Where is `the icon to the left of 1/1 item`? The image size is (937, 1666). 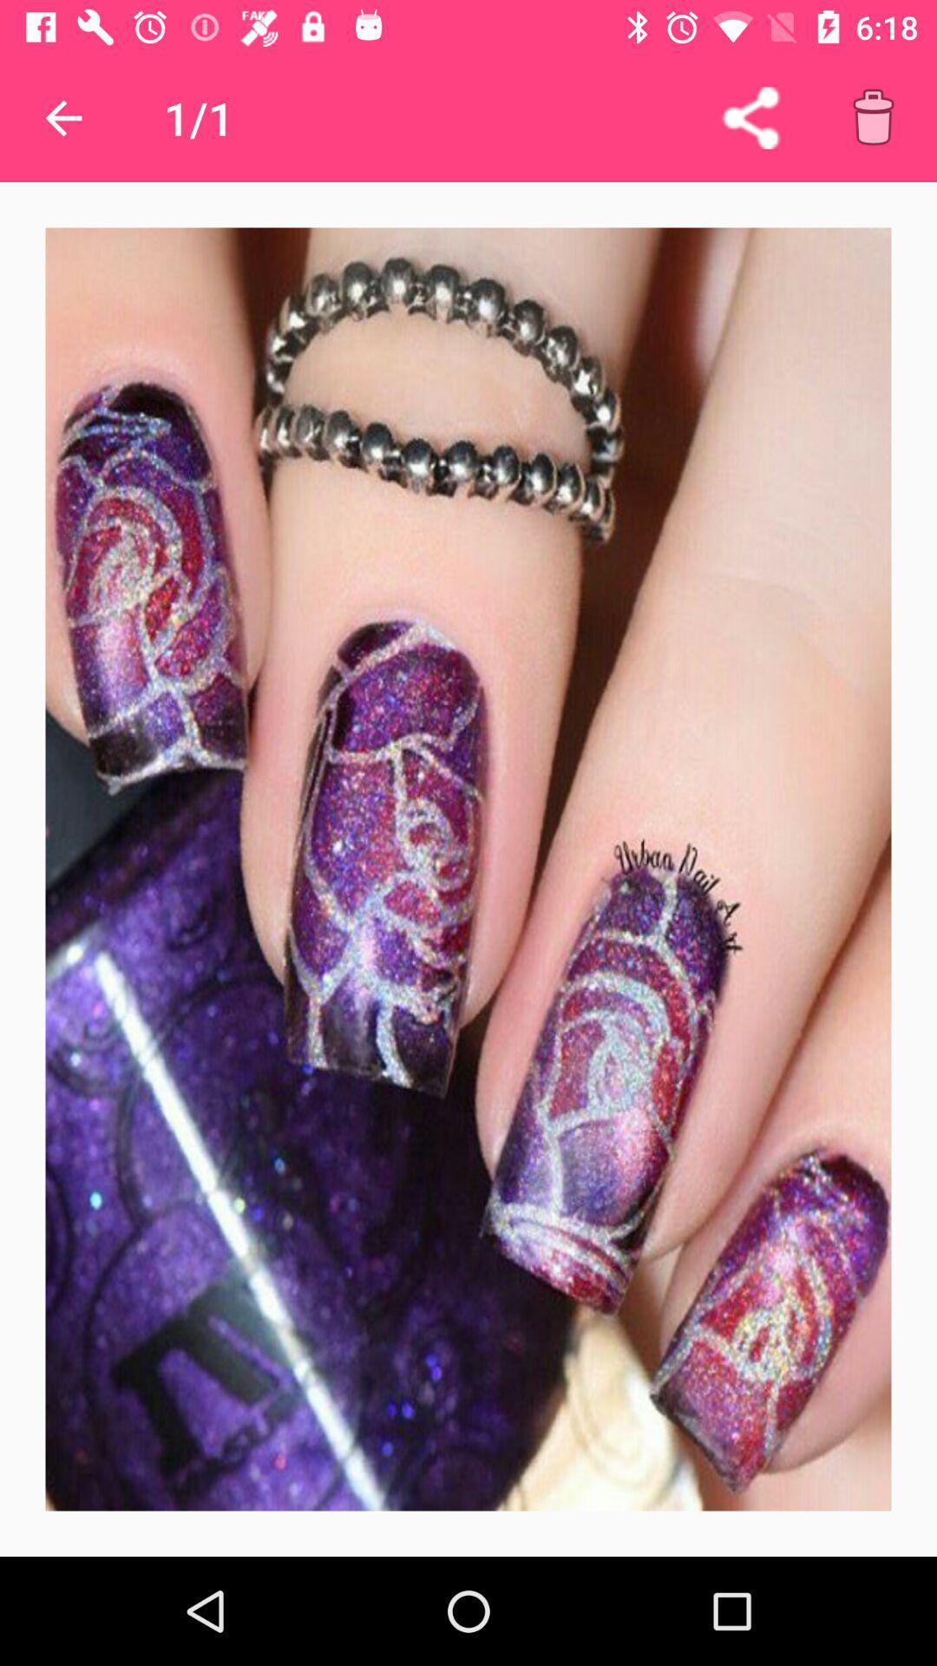
the icon to the left of 1/1 item is located at coordinates (62, 117).